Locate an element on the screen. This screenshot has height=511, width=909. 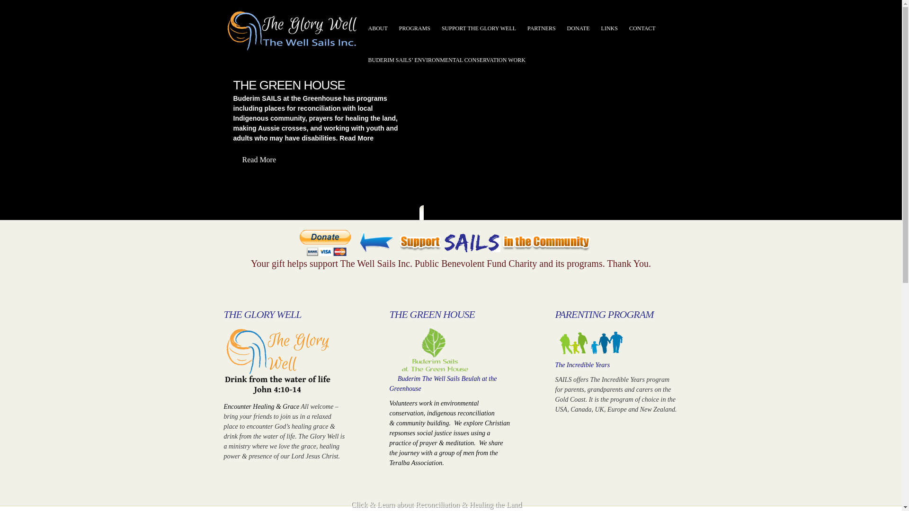
'PARTNERS' is located at coordinates (541, 28).